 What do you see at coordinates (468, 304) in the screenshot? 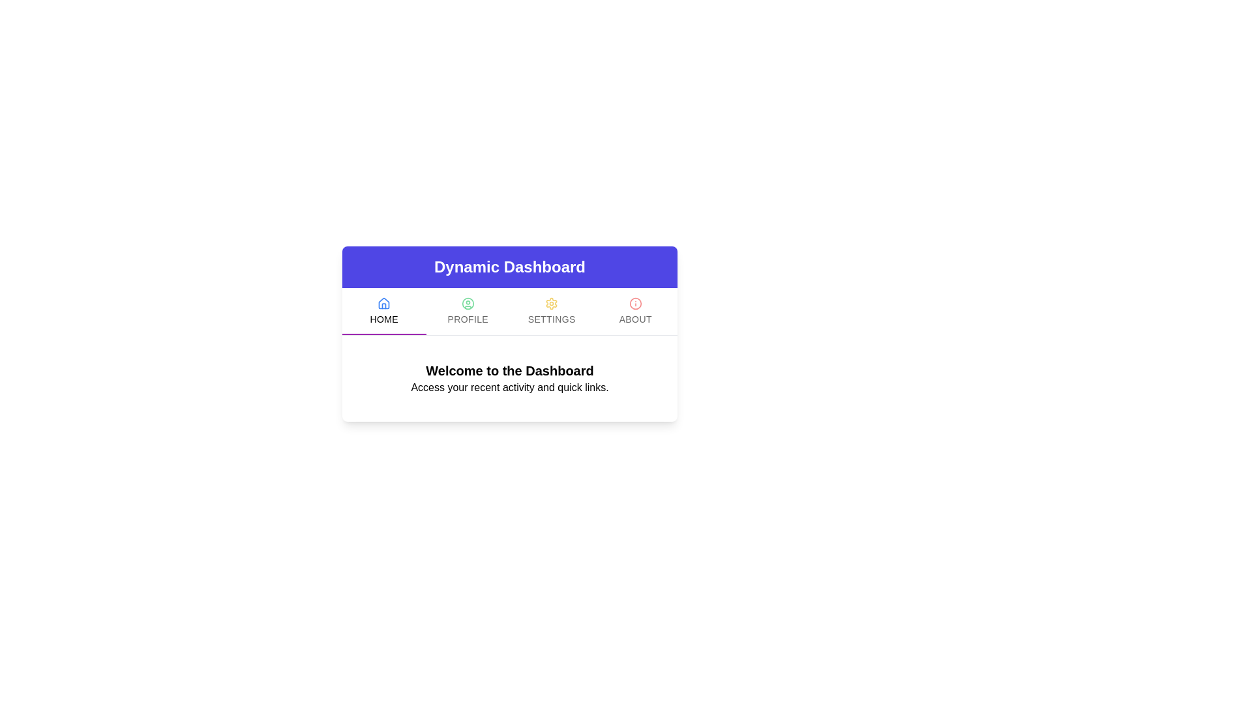
I see `the circular green profile icon located in the second position from the left in the top navigation of the interface as a visual cue` at bounding box center [468, 304].